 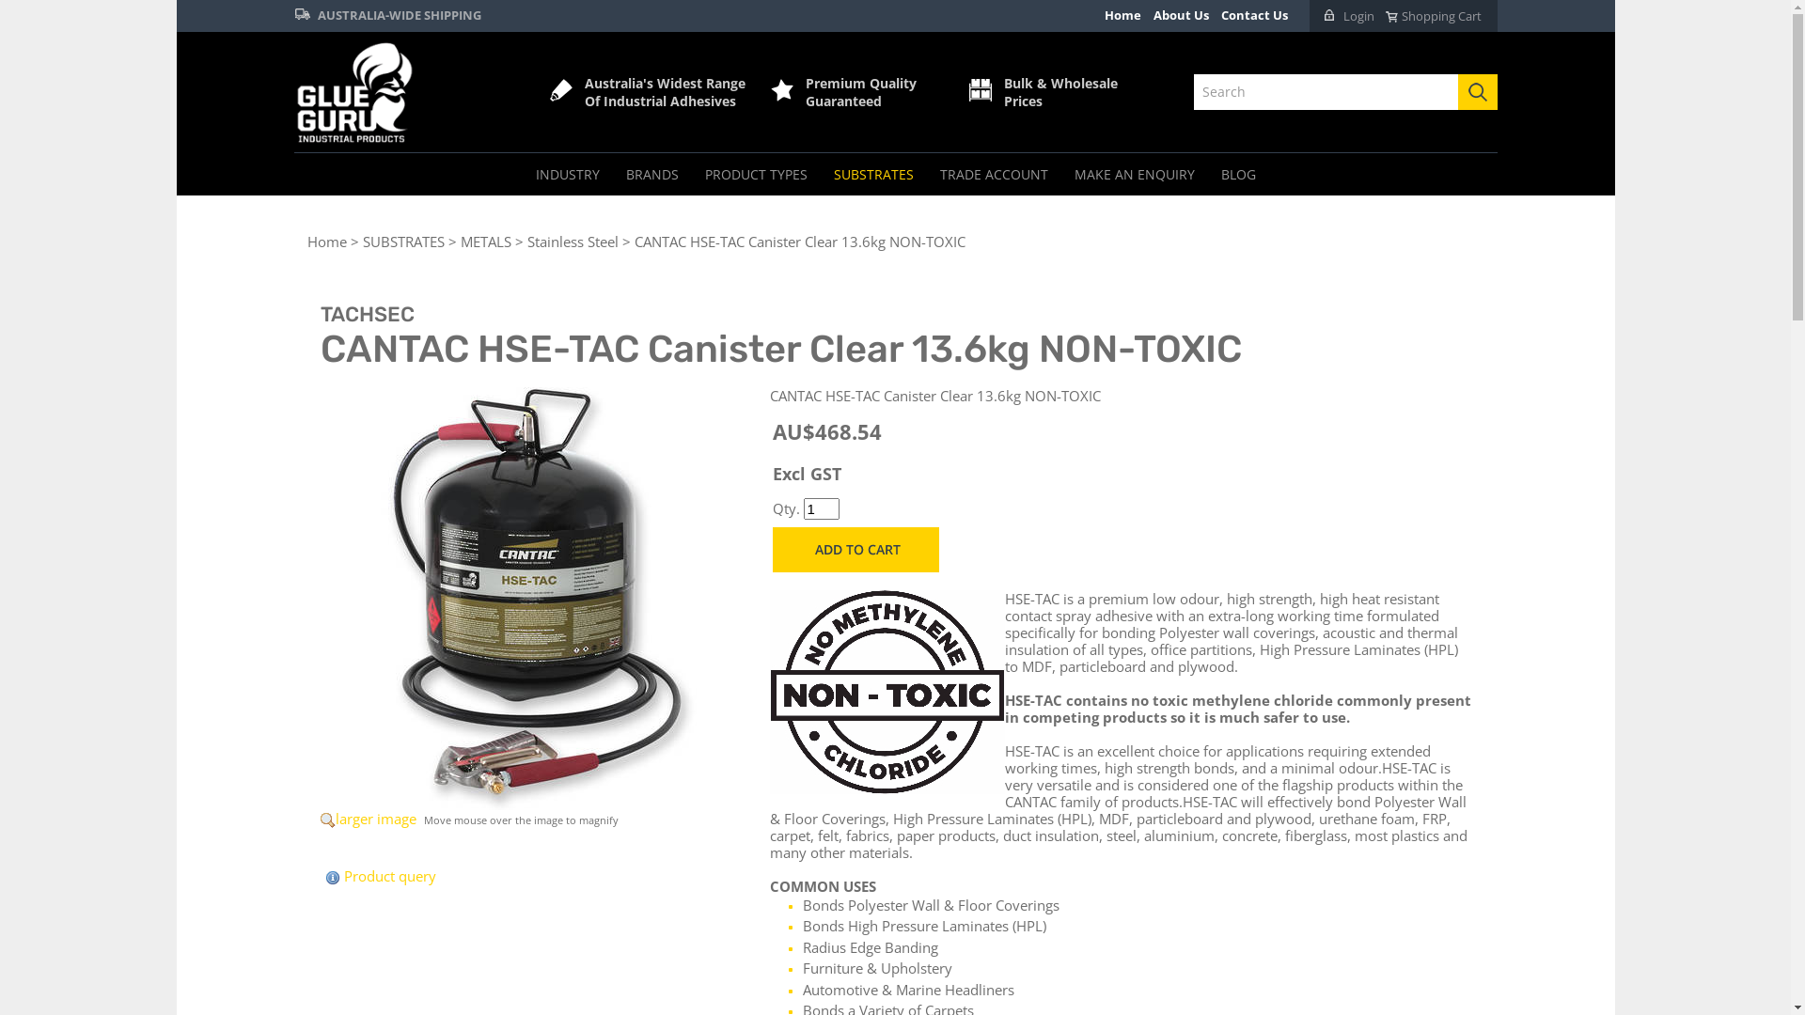 I want to click on 'TRADE ACCOUNT', so click(x=993, y=174).